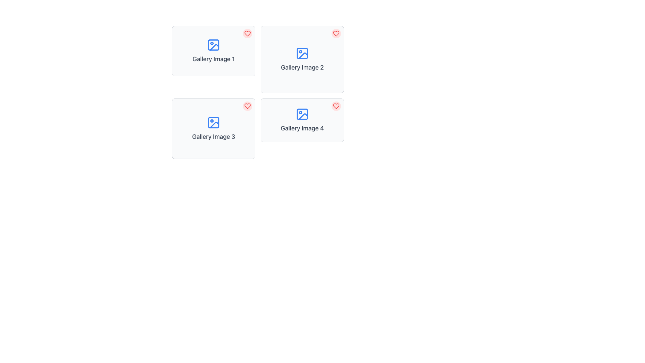 The height and width of the screenshot is (363, 645). Describe the element at coordinates (214, 47) in the screenshot. I see `the graphic icon of 'Gallery Image 1' card, located at the top-left corner of the gallery layout` at that location.